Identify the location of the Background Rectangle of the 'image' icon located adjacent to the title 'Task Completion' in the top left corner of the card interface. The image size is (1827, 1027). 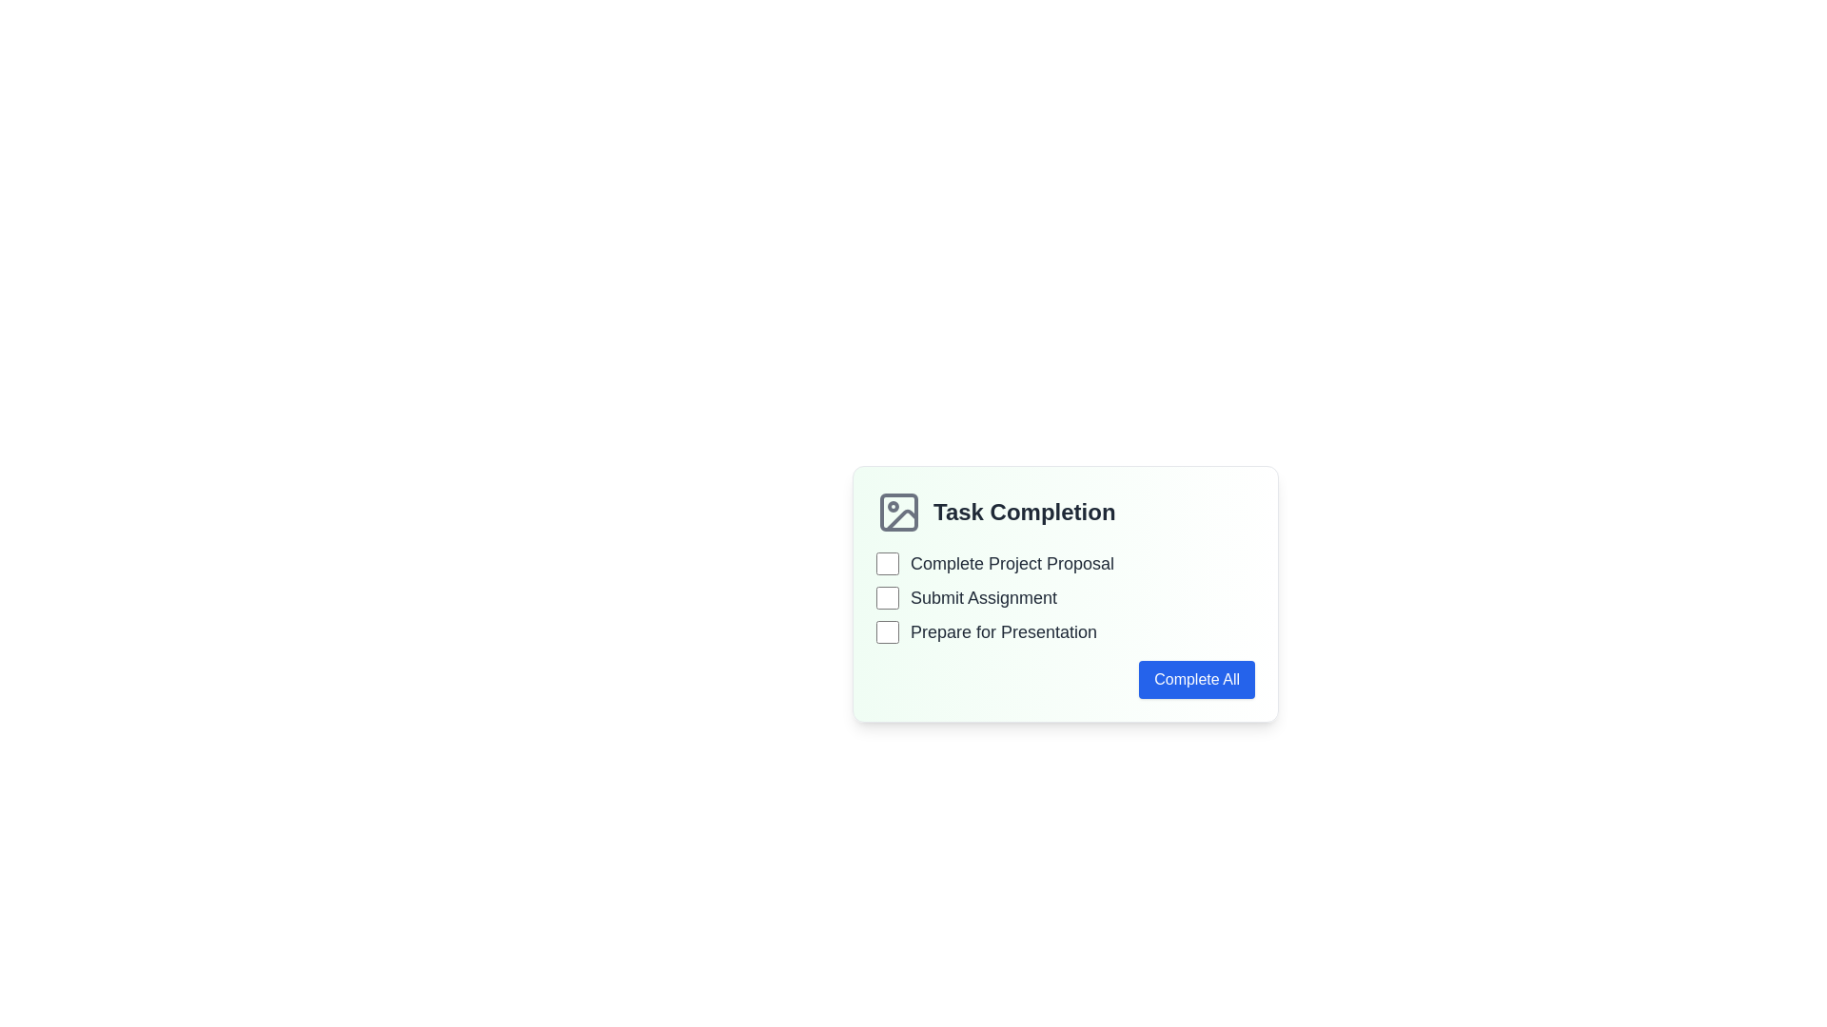
(898, 512).